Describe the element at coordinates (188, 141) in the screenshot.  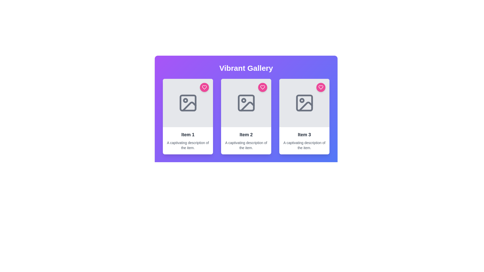
I see `item information from the text block element located on the bottom half of the first card in a horizontally arranged gallery` at that location.